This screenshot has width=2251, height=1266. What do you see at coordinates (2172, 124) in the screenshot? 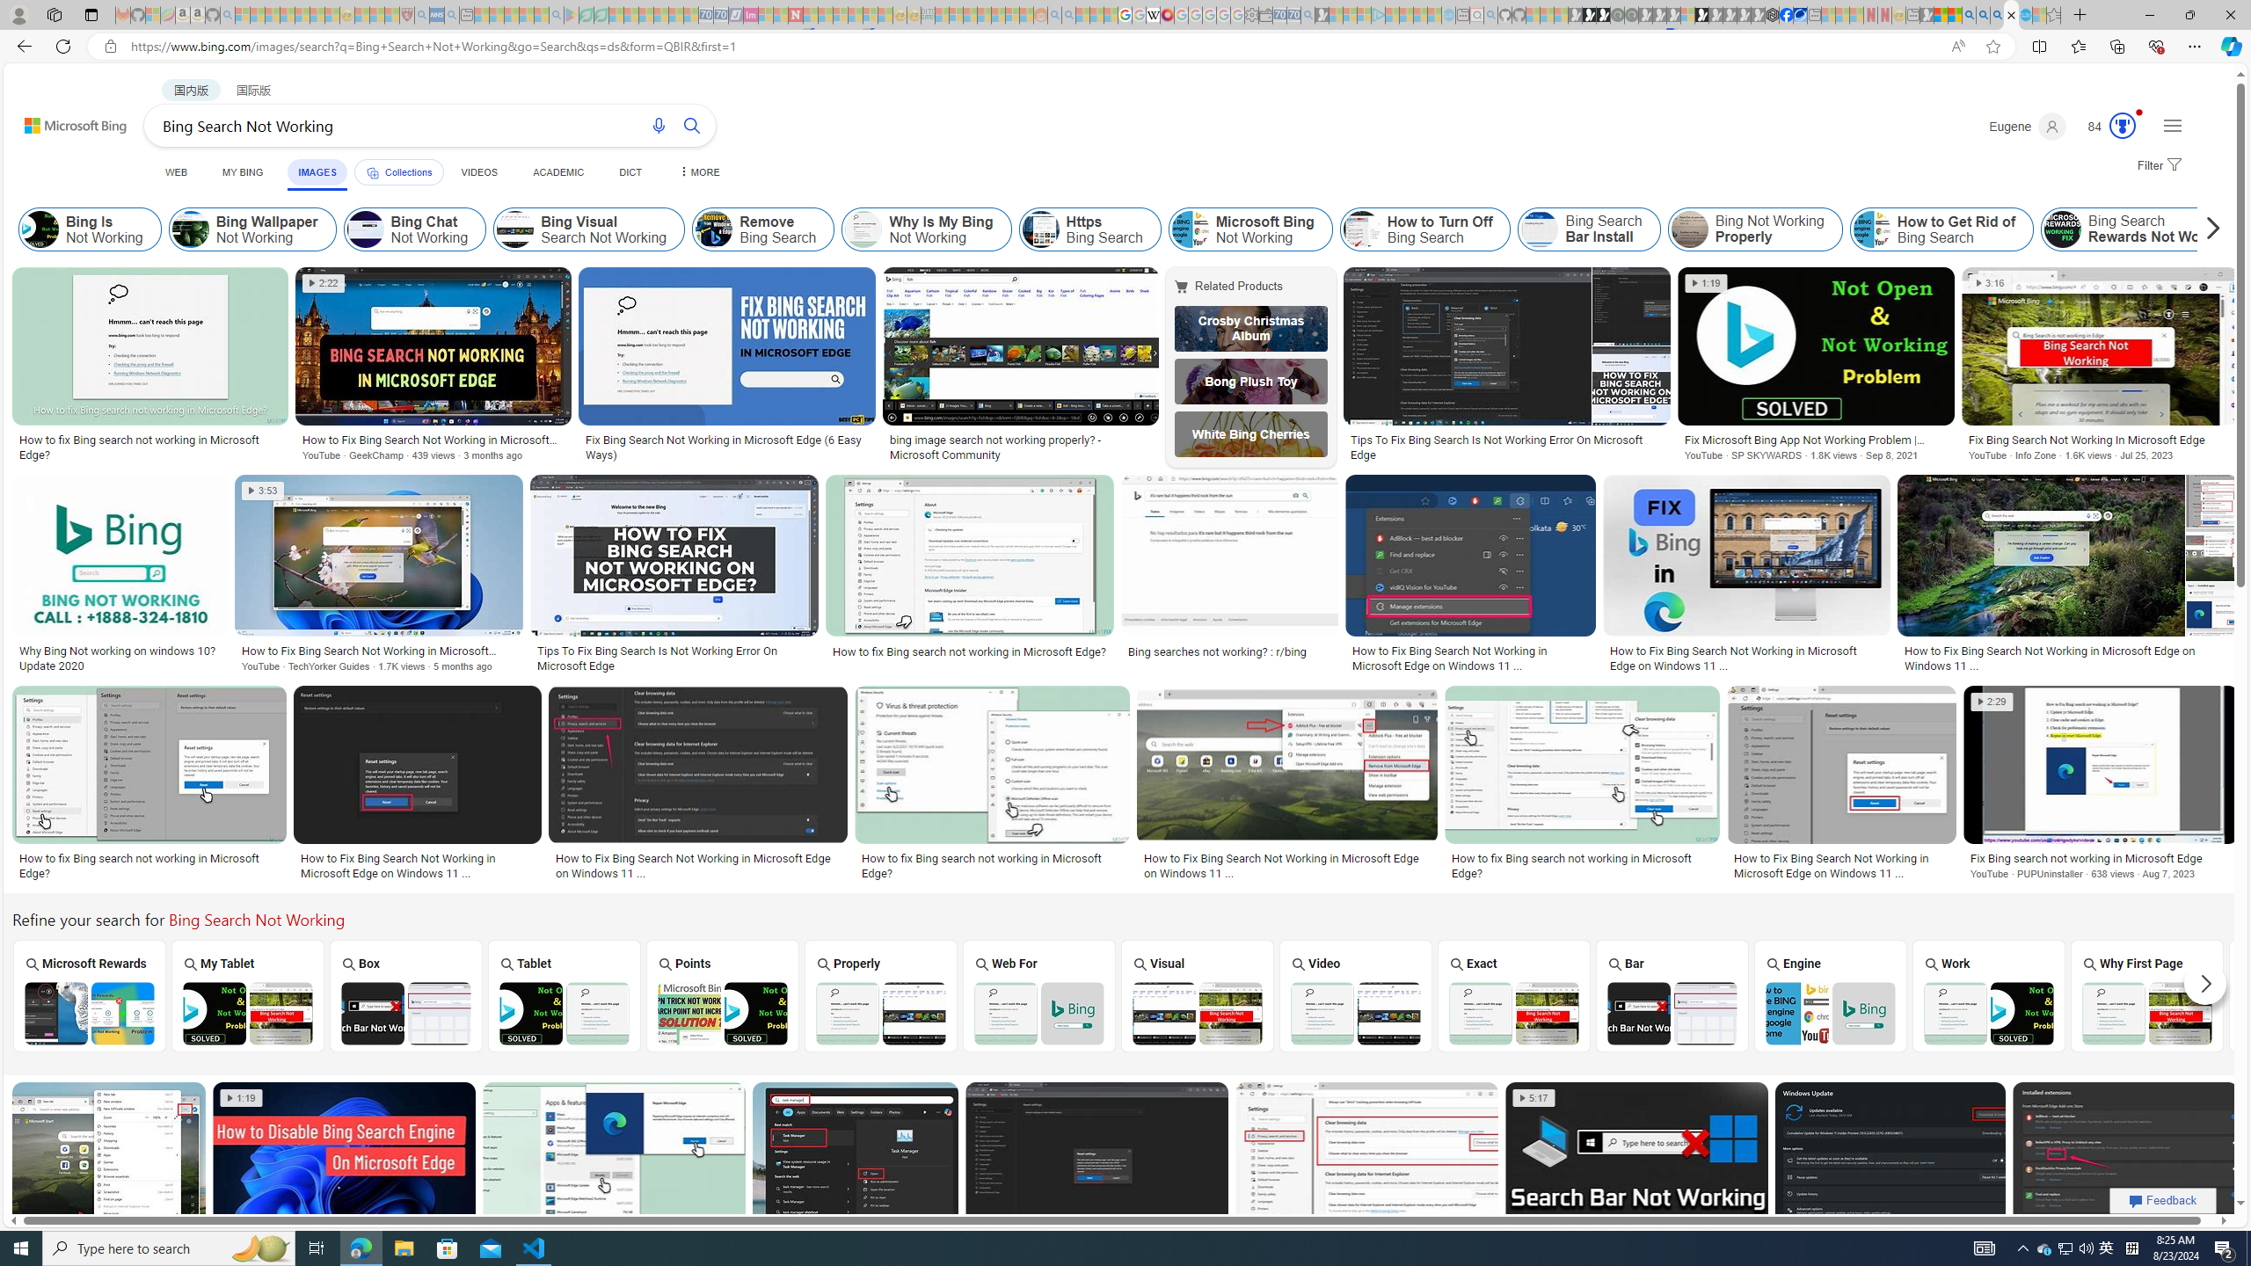
I see `'Settings and quick links'` at bounding box center [2172, 124].